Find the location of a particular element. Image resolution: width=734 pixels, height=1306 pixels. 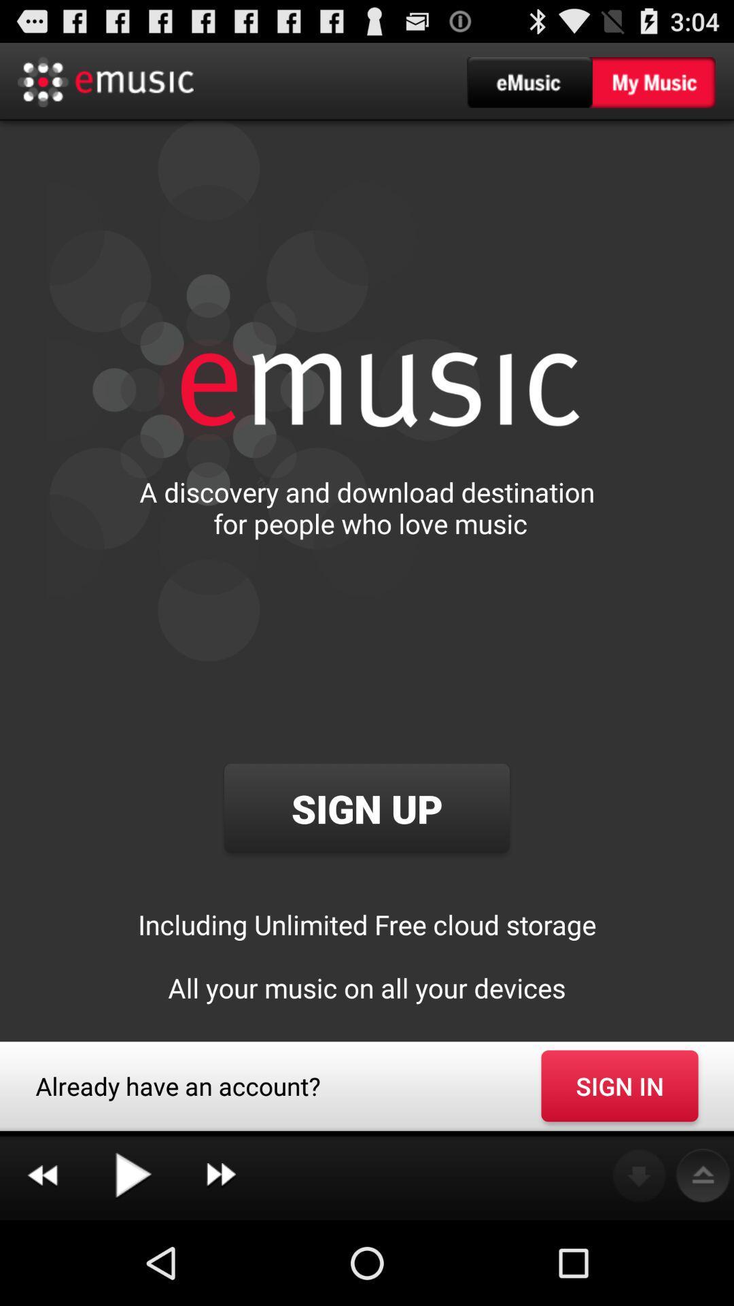

the app next to already have an icon is located at coordinates (619, 1085).